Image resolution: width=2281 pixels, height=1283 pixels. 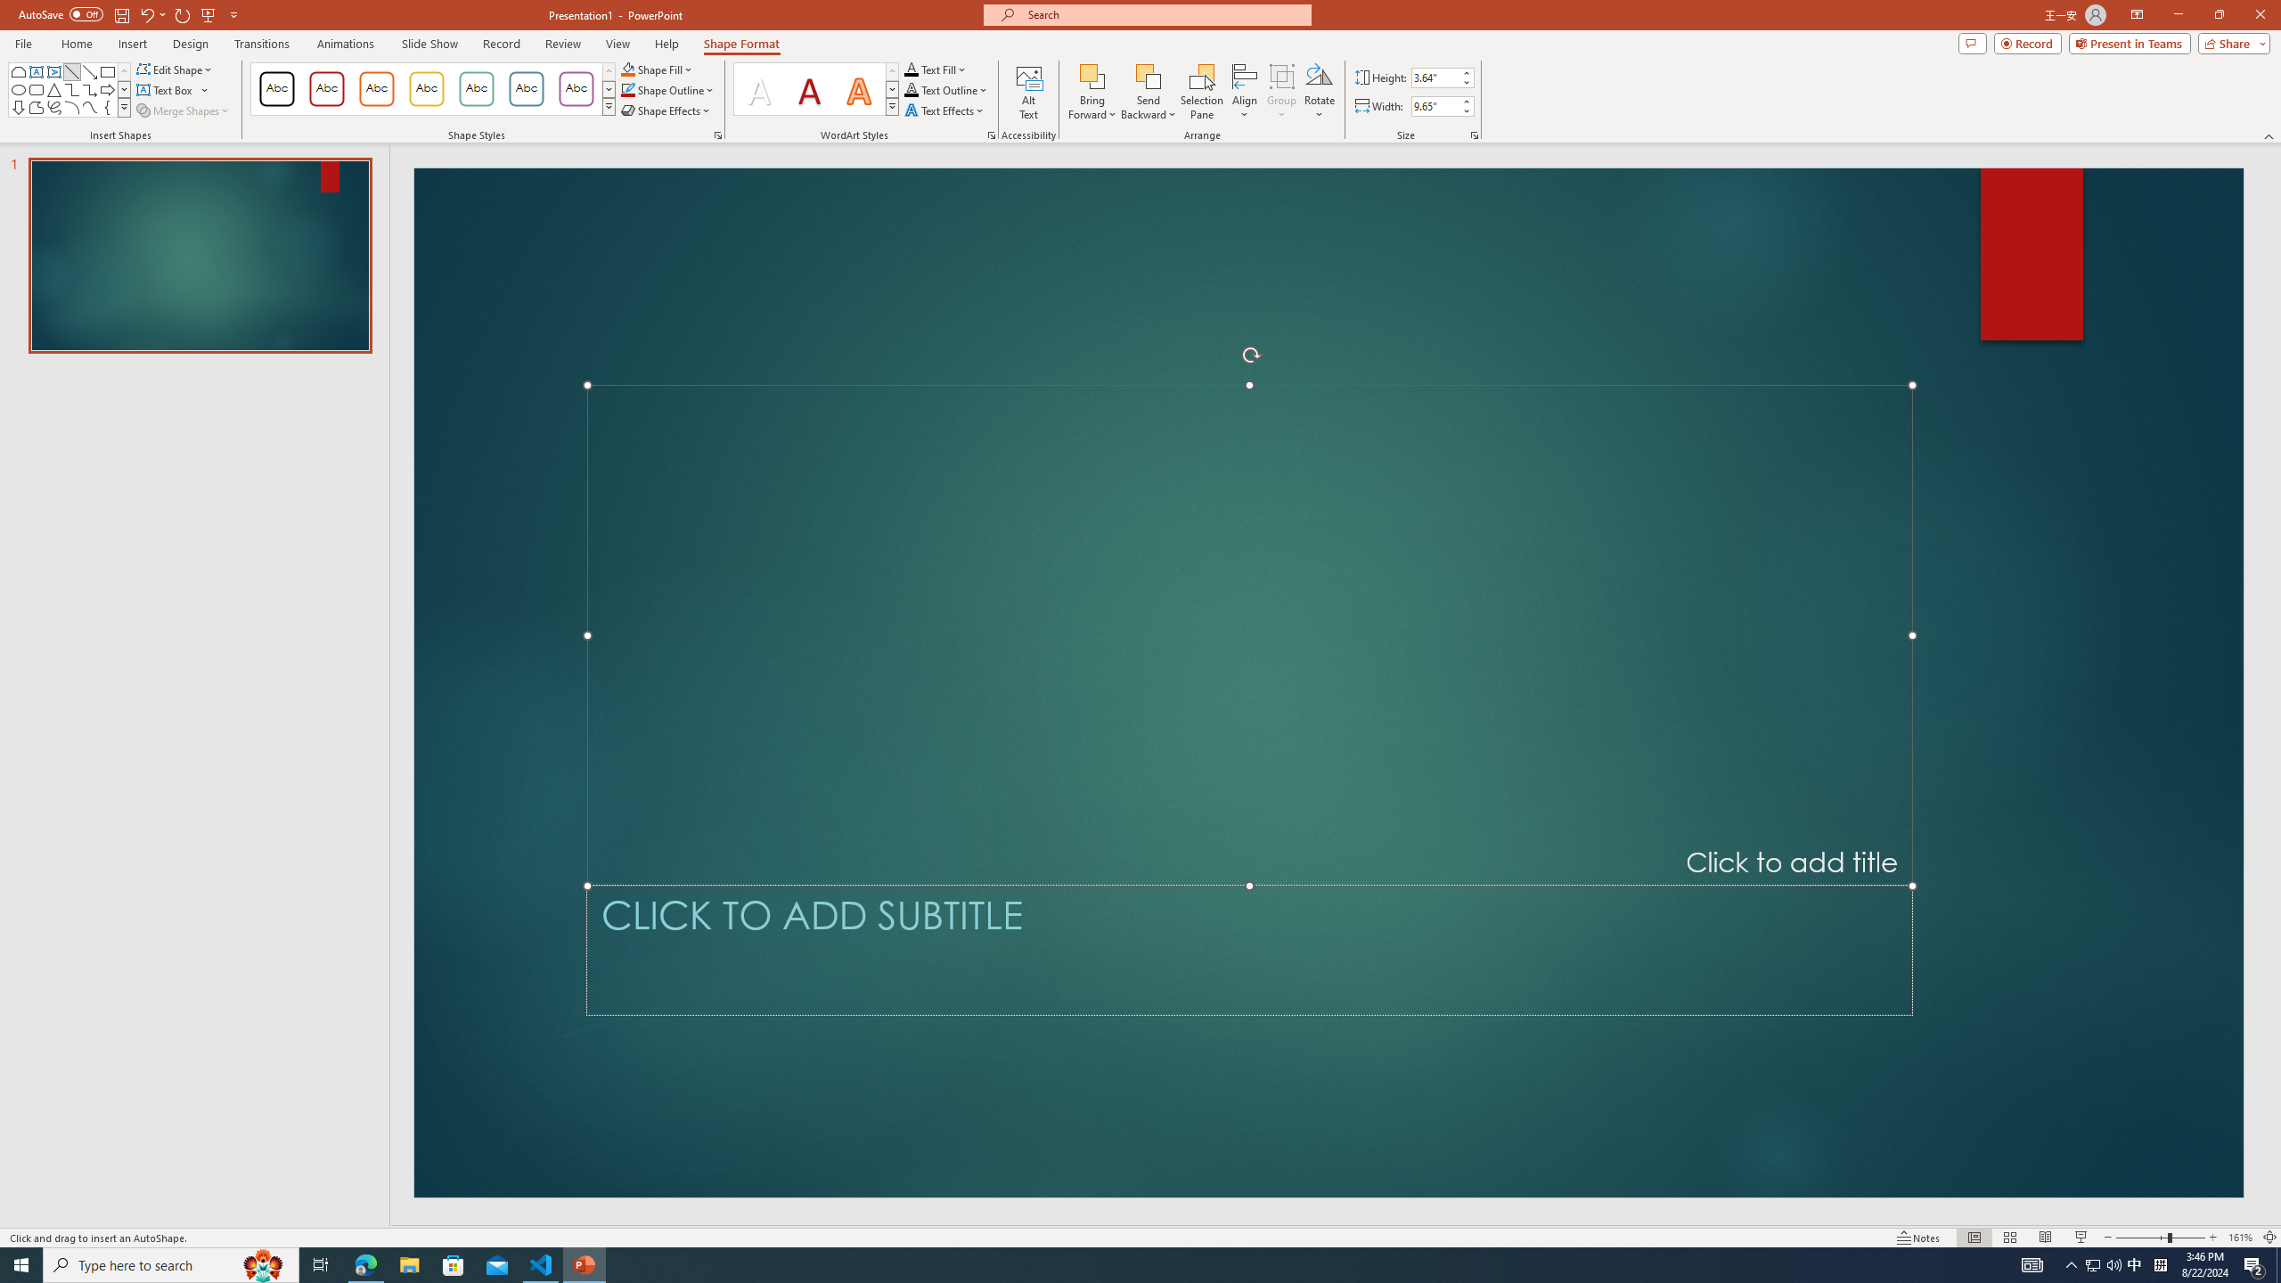 What do you see at coordinates (69, 89) in the screenshot?
I see `'AutomationID: ShapesInsertGallery'` at bounding box center [69, 89].